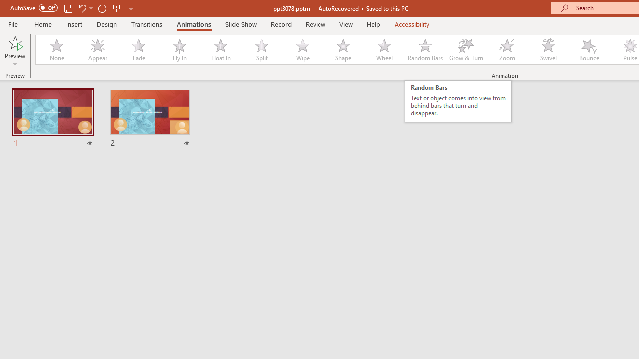 The width and height of the screenshot is (639, 359). Describe the element at coordinates (384, 50) in the screenshot. I see `'Wheel'` at that location.